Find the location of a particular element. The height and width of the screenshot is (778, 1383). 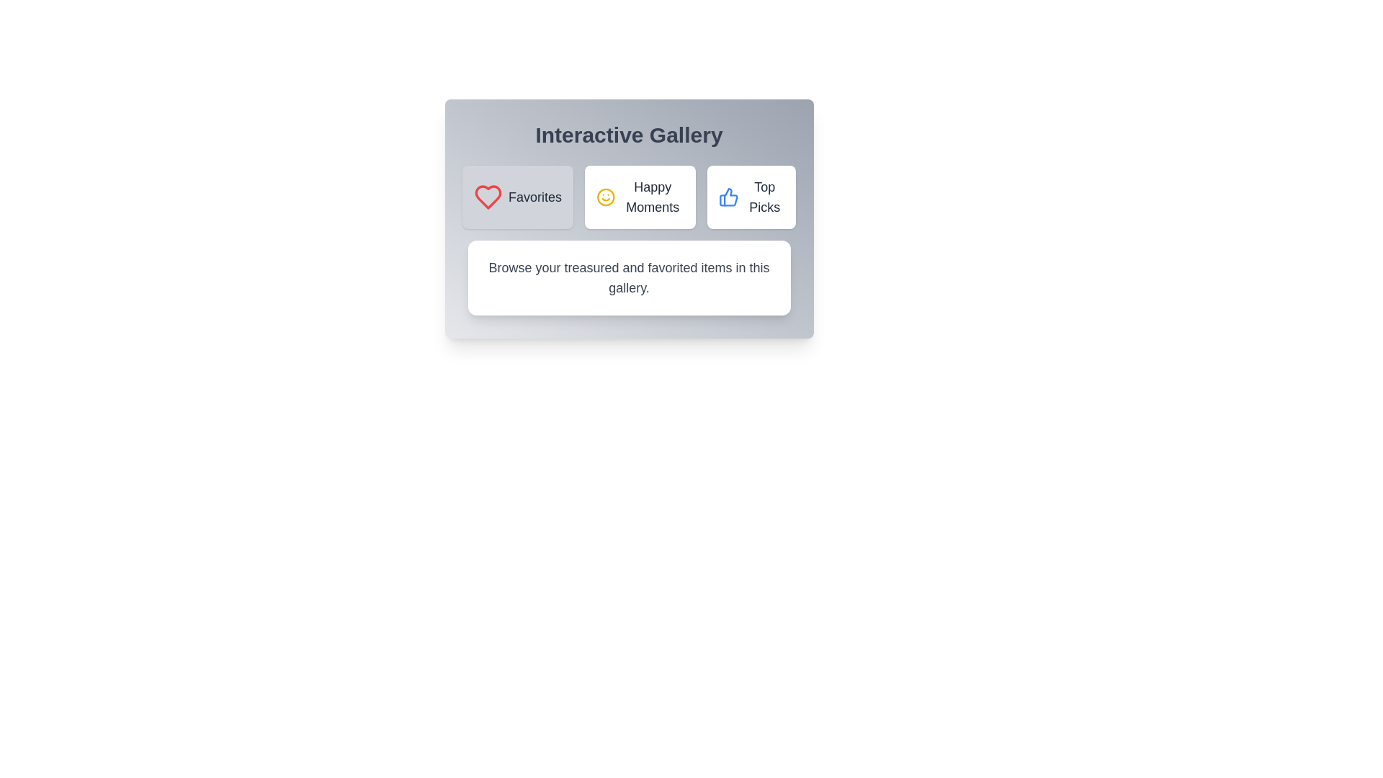

the Happy Moments category by clicking the respective button is located at coordinates (639, 197).